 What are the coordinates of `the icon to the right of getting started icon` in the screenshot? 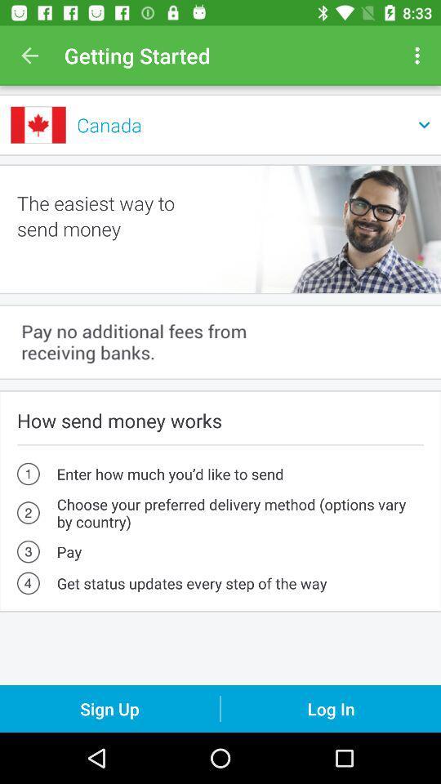 It's located at (419, 56).